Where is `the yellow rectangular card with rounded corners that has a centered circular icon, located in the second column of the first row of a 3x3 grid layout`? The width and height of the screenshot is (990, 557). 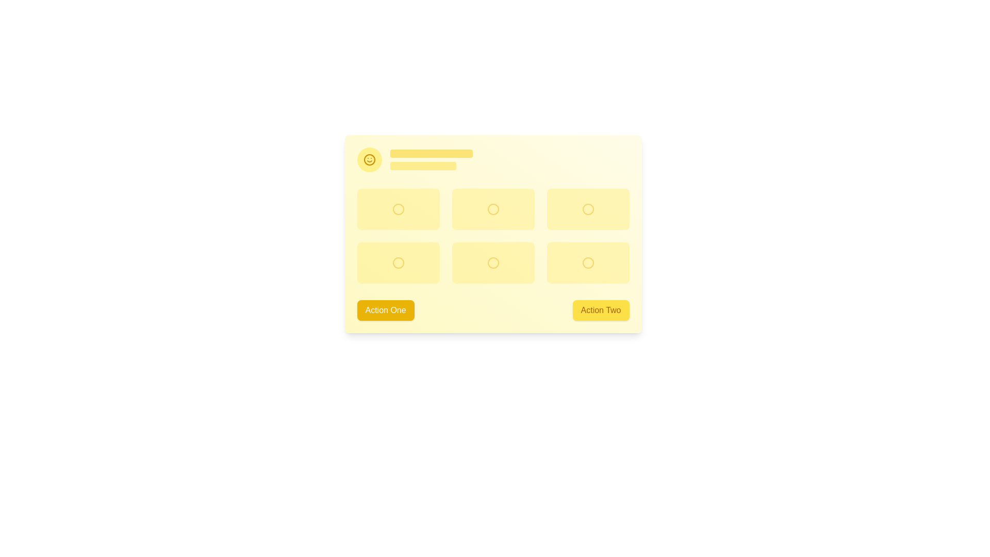 the yellow rectangular card with rounded corners that has a centered circular icon, located in the second column of the first row of a 3x3 grid layout is located at coordinates (492, 209).